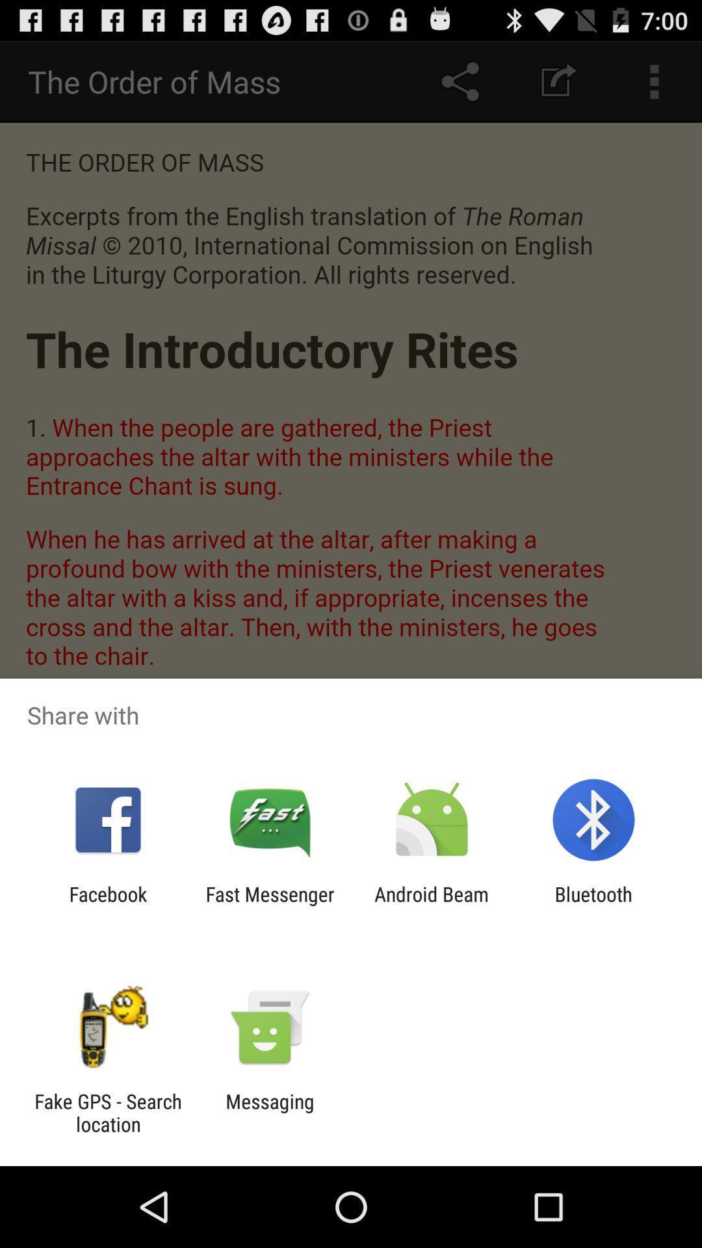 This screenshot has width=702, height=1248. What do you see at coordinates (269, 905) in the screenshot?
I see `app to the right of the facebook` at bounding box center [269, 905].